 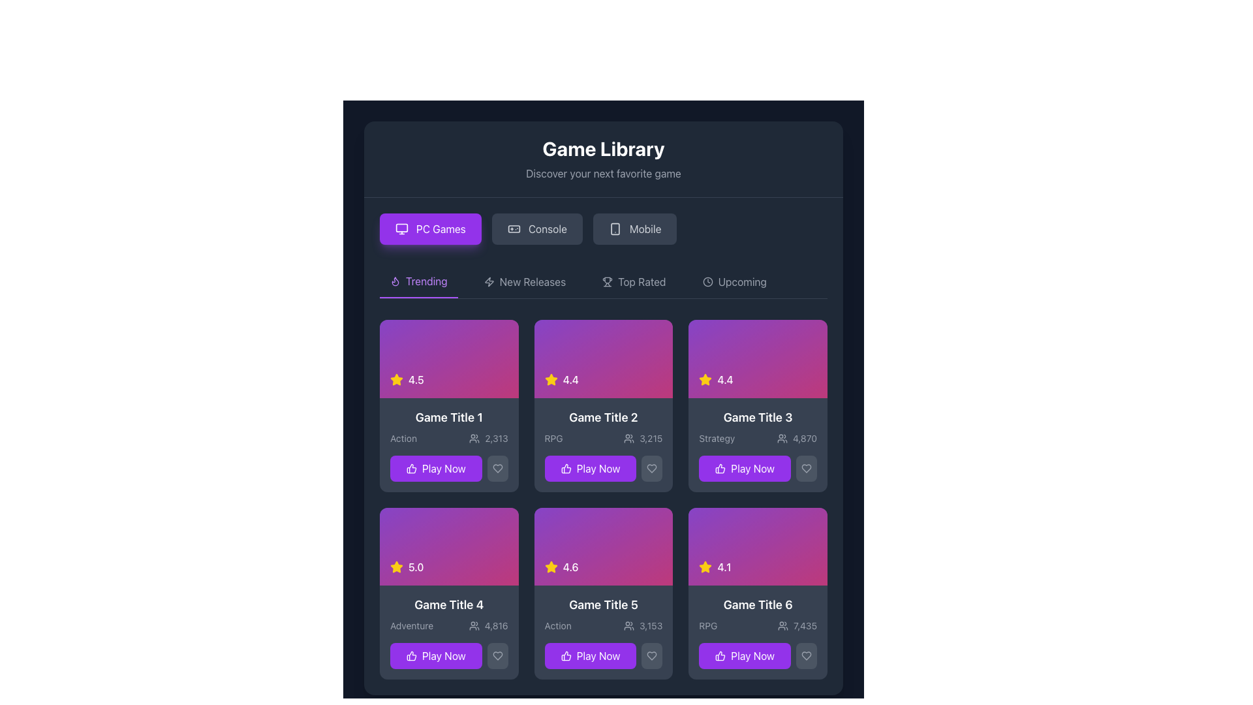 I want to click on the star icon indicating the rating for 'Game Title 6' in the 'Game Library' interface, located in the top-left corner of the card next to the rating number '4.1', so click(x=396, y=566).